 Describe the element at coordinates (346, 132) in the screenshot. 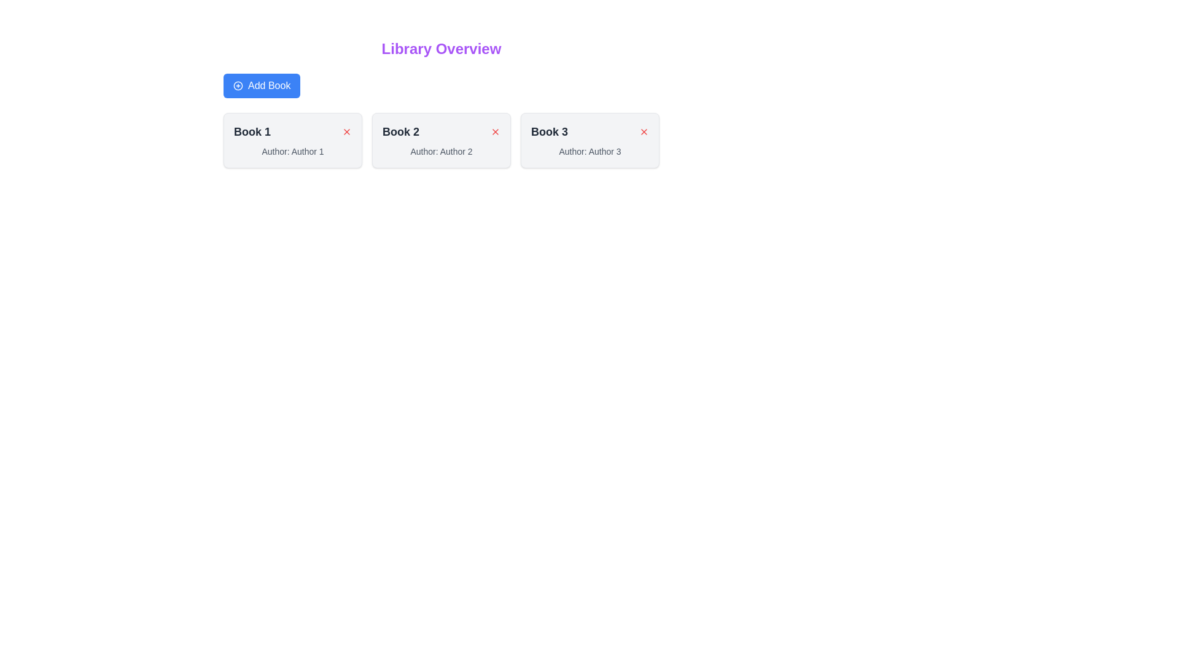

I see `the small red 'X' icon button located to the right of the 'Book 1' title` at that location.